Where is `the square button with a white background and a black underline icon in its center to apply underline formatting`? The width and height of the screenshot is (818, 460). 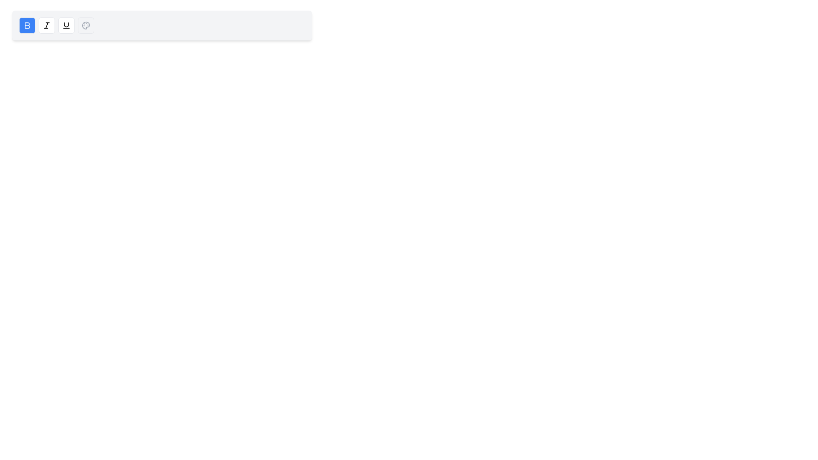 the square button with a white background and a black underline icon in its center to apply underline formatting is located at coordinates (66, 25).